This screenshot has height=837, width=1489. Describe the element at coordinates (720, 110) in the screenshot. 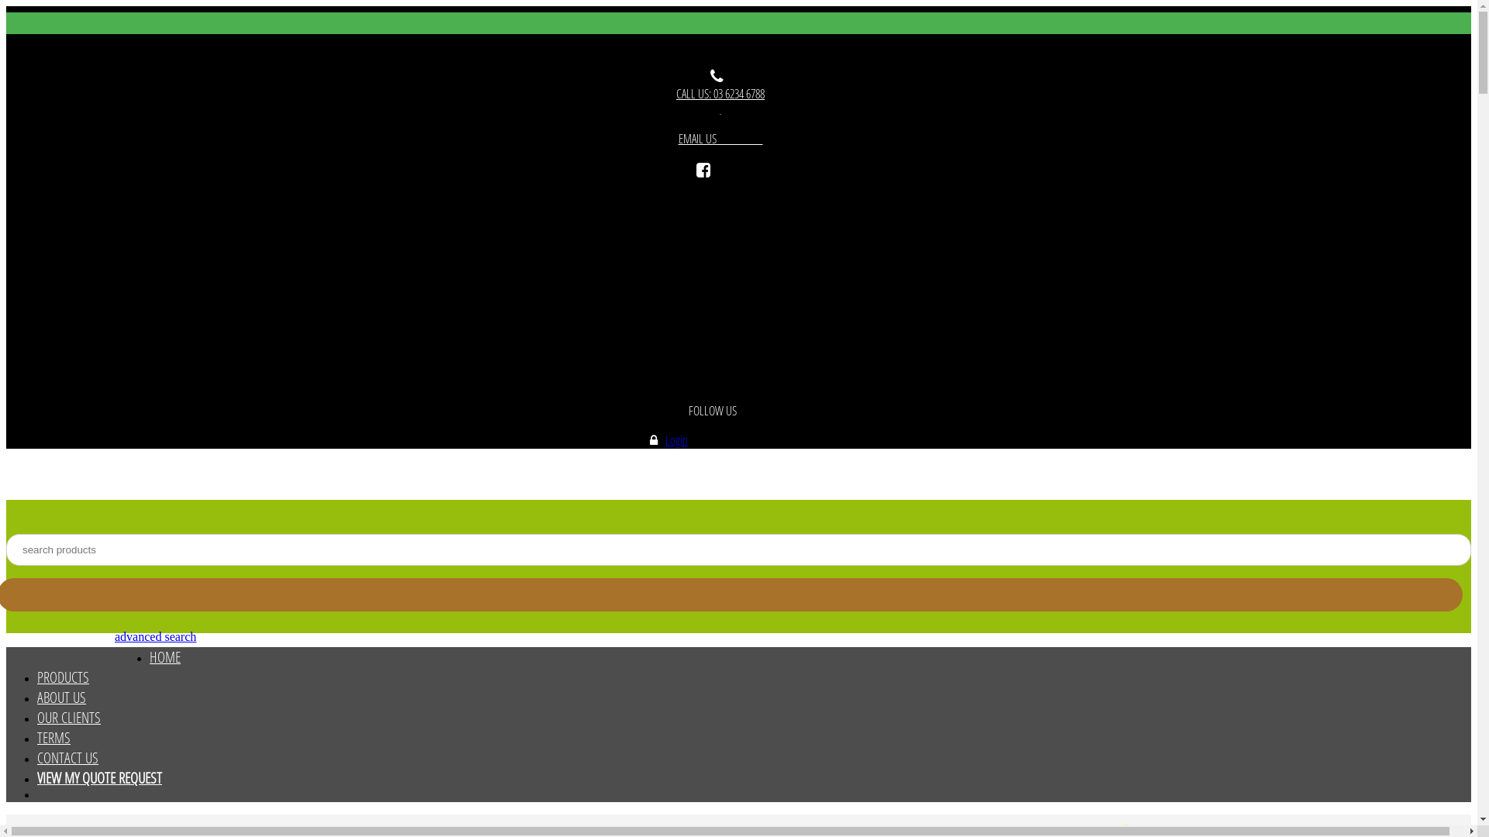

I see `' '` at that location.